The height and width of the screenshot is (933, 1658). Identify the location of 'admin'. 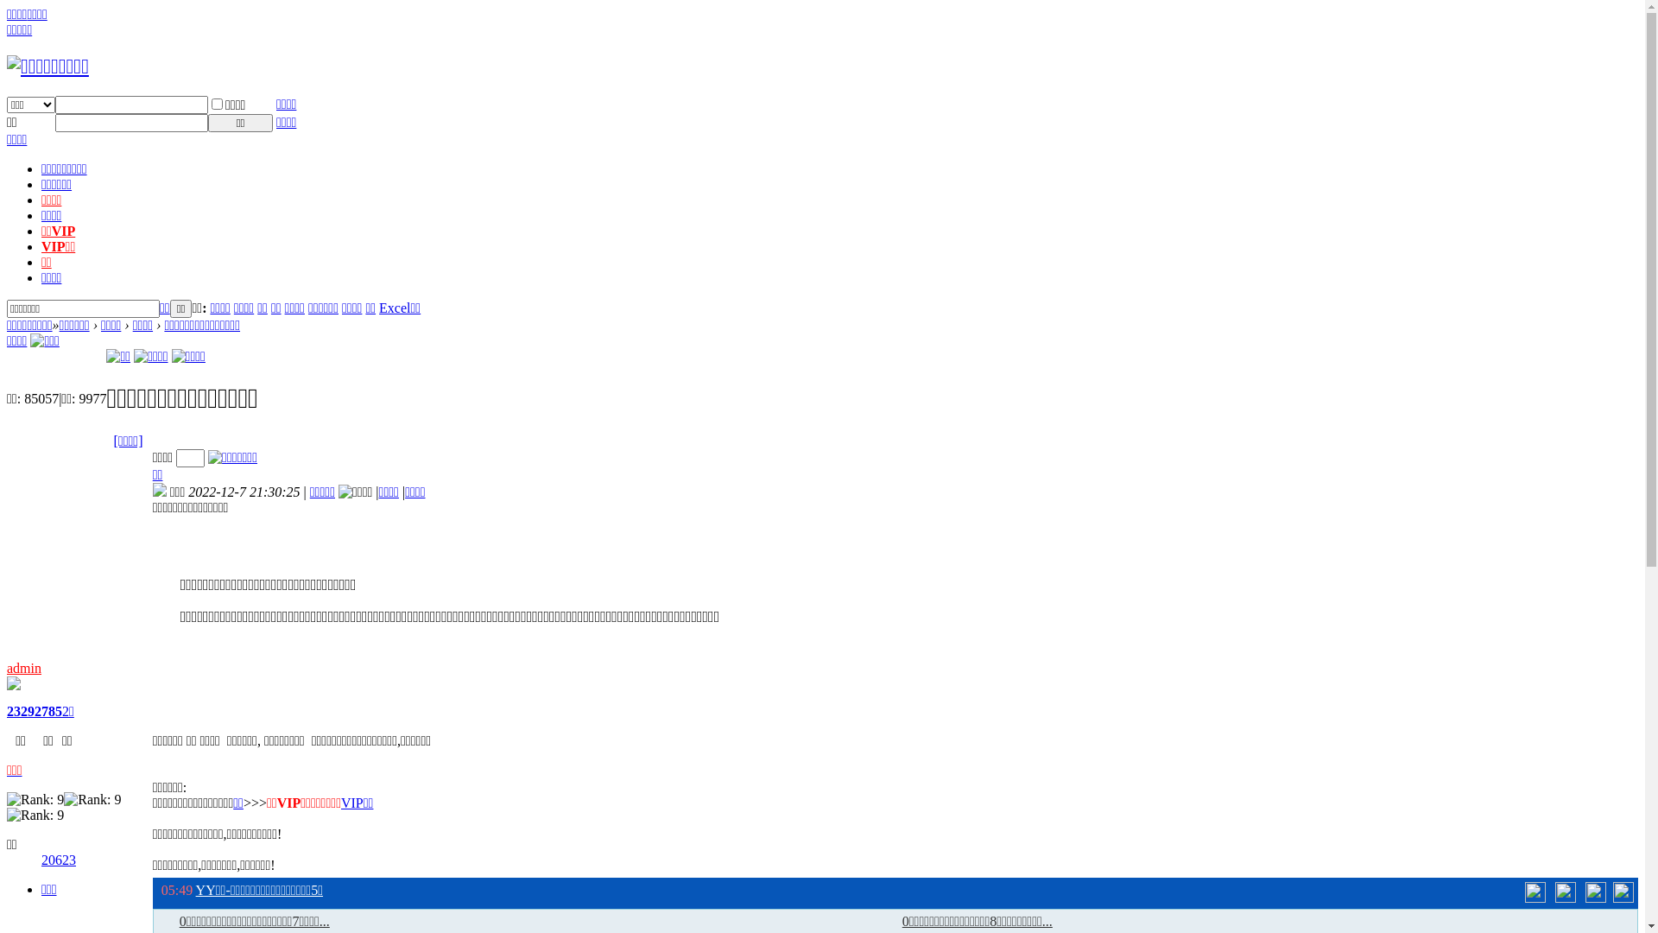
(24, 667).